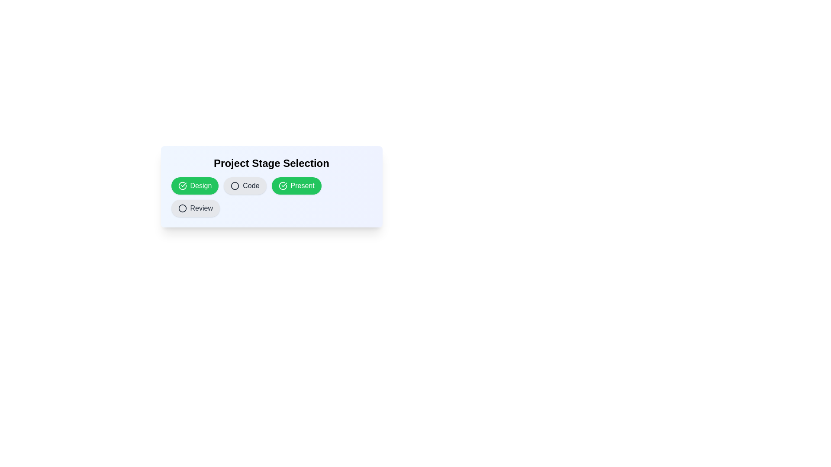 The height and width of the screenshot is (467, 831). Describe the element at coordinates (195, 208) in the screenshot. I see `the chip labeled Review` at that location.